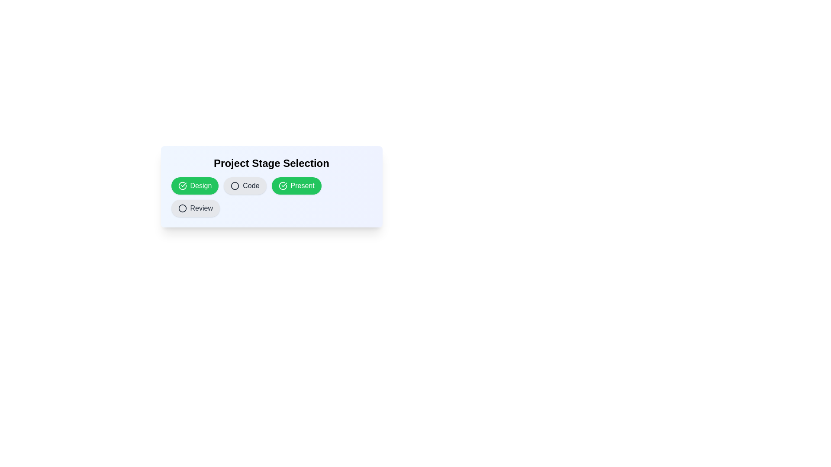 The height and width of the screenshot is (467, 831). Describe the element at coordinates (195, 208) in the screenshot. I see `the chip labeled Review` at that location.